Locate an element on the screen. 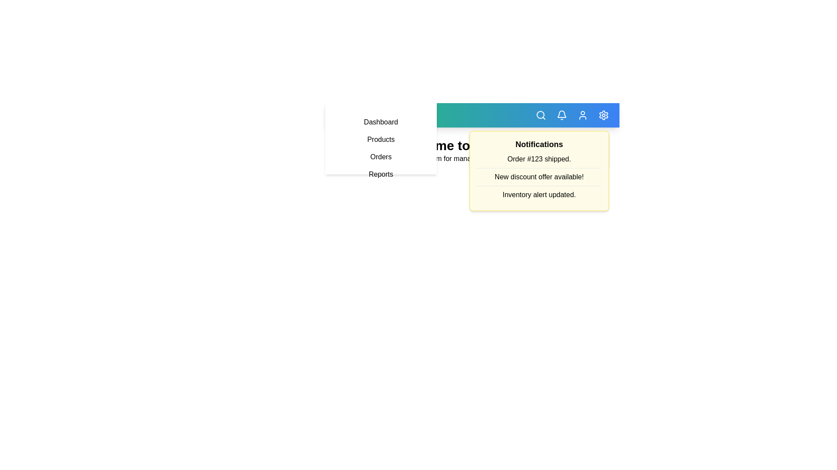 This screenshot has width=837, height=470. the notification text field that displays an individual discount offer, located centrally under the 'Notifications' title and above the 'Inventory alert updated' message is located at coordinates (539, 171).